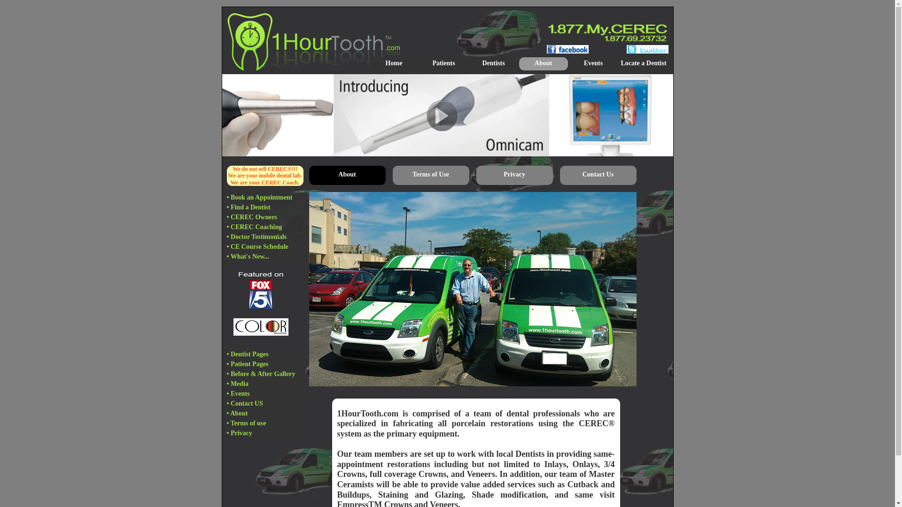 This screenshot has width=902, height=507. Describe the element at coordinates (469, 63) in the screenshot. I see `'Dentists'` at that location.